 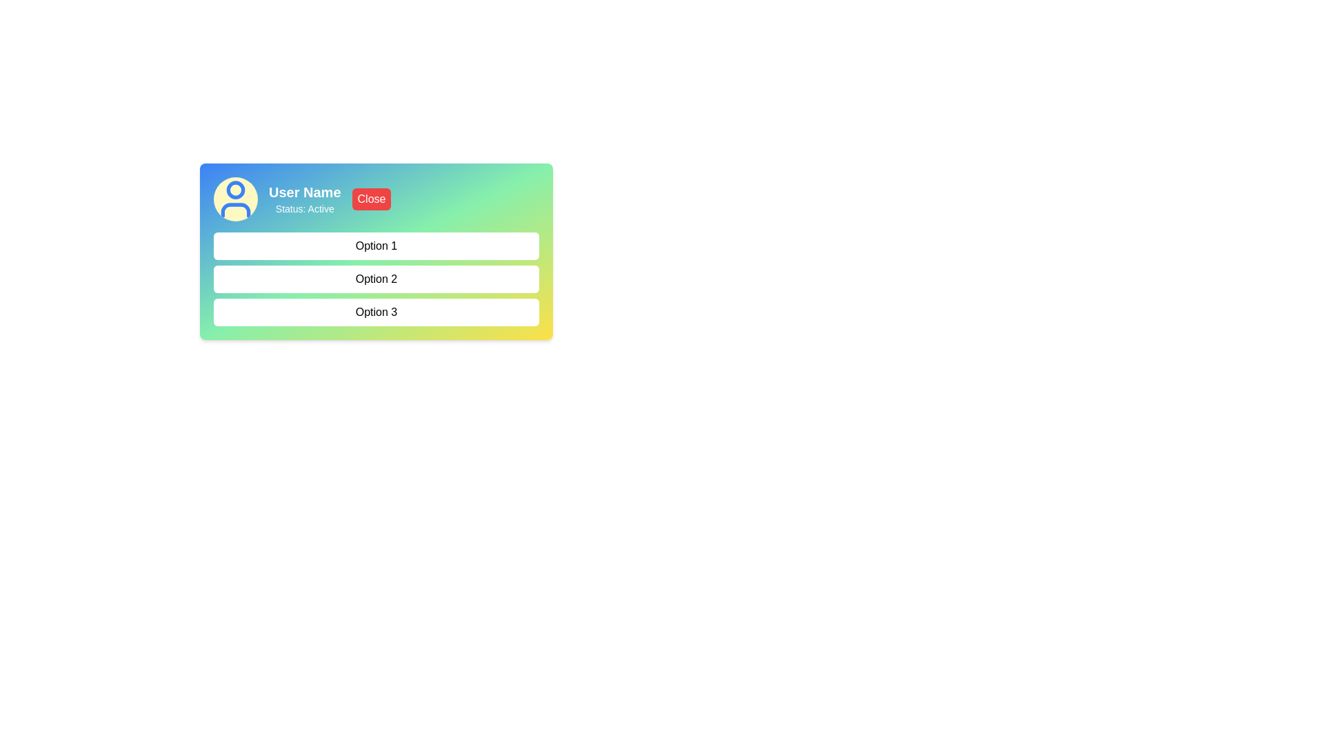 I want to click on the 'User Name' label, which prominently displays the text in large, bold font against a gradient background transitioning from blue to green, located at the top-left section of the card, so click(x=304, y=192).